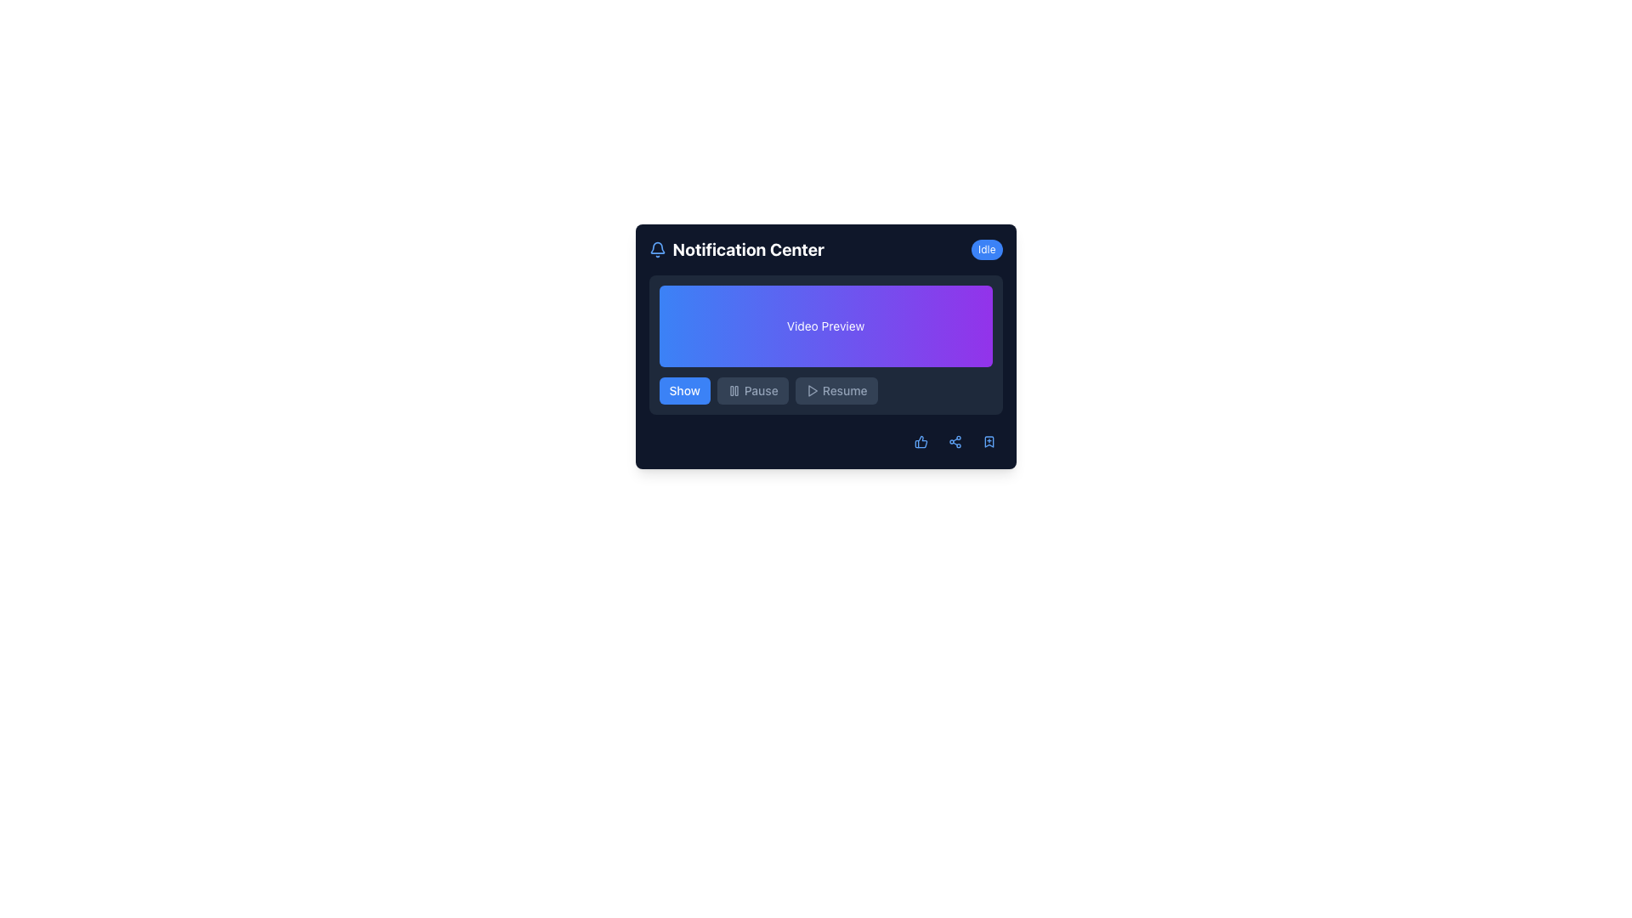  Describe the element at coordinates (989, 441) in the screenshot. I see `the small blue bookmark icon with a '+' symbol located at the bottom-right of the notification panel` at that location.